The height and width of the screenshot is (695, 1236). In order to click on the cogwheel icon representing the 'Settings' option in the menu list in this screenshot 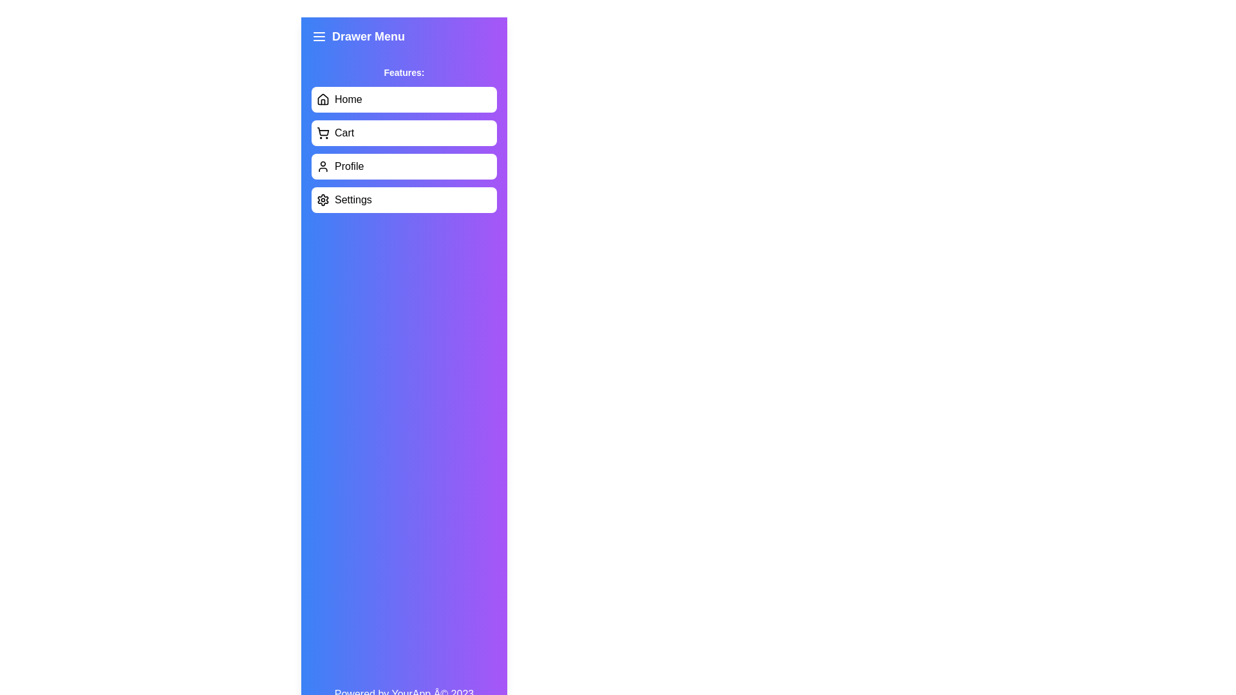, I will do `click(323, 200)`.